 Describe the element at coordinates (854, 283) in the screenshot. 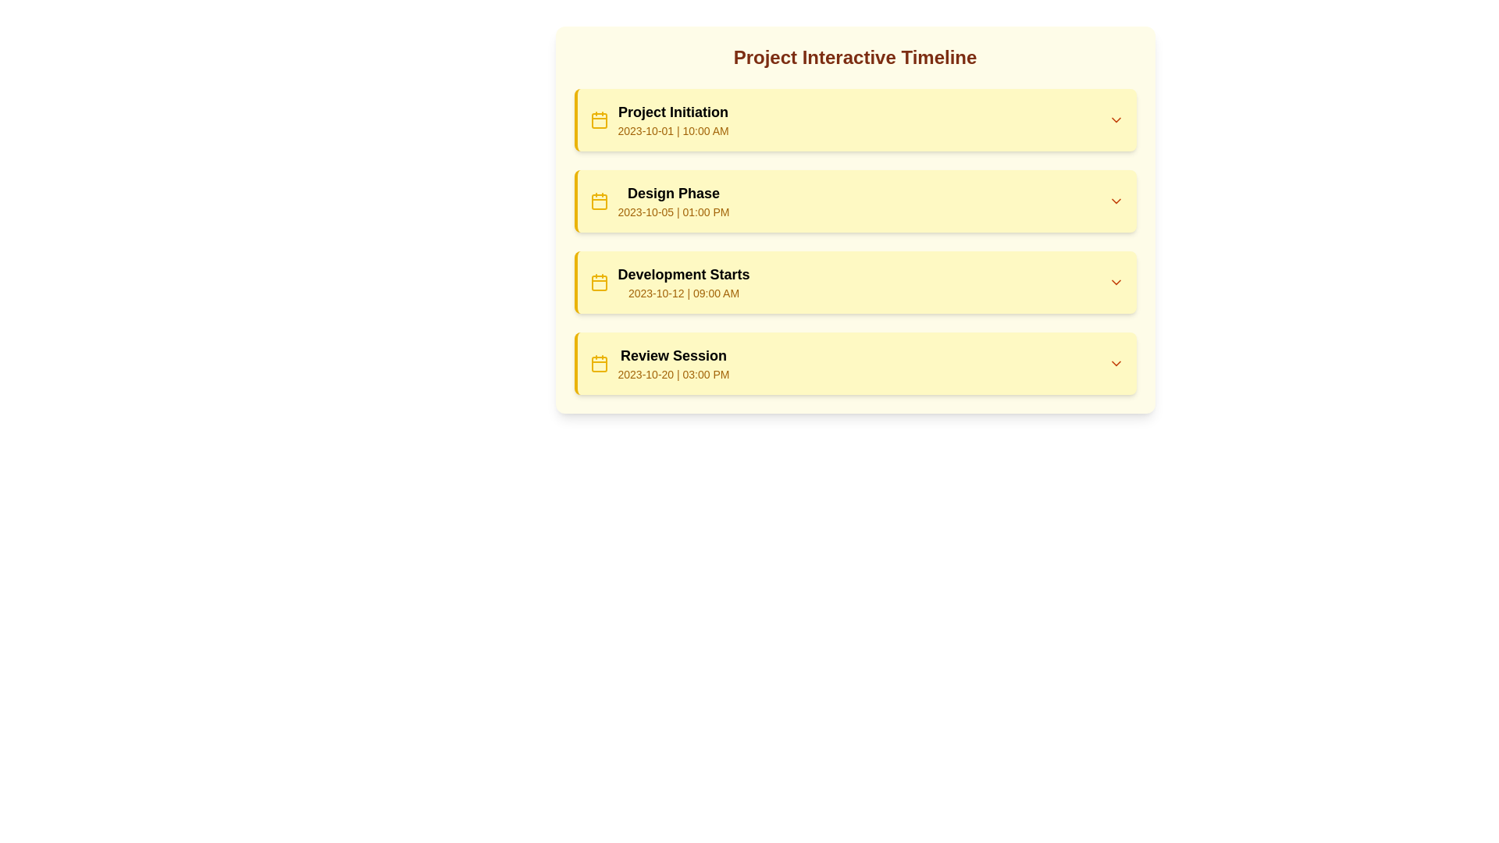

I see `keyboard navigation` at that location.